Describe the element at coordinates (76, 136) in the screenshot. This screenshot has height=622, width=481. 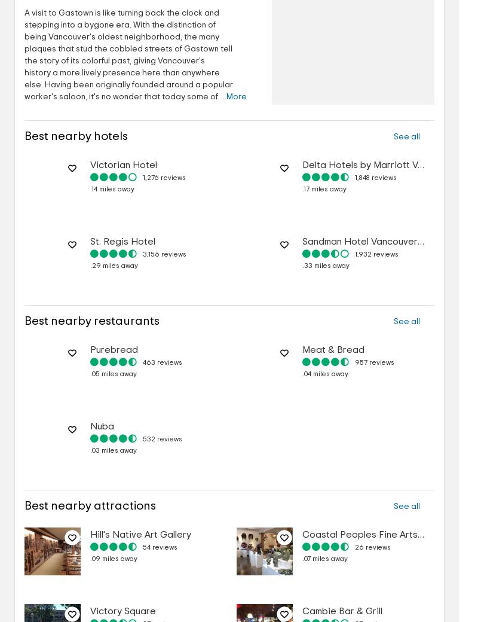
I see `'Best nearby hotels'` at that location.